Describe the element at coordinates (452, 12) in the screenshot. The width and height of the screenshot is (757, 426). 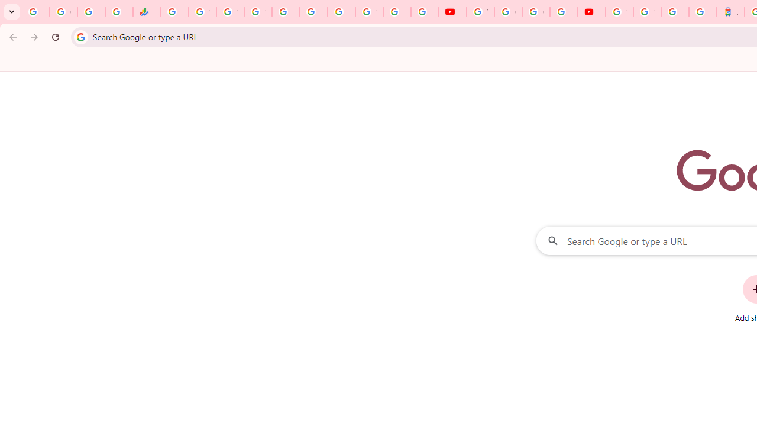
I see `'YouTube'` at that location.